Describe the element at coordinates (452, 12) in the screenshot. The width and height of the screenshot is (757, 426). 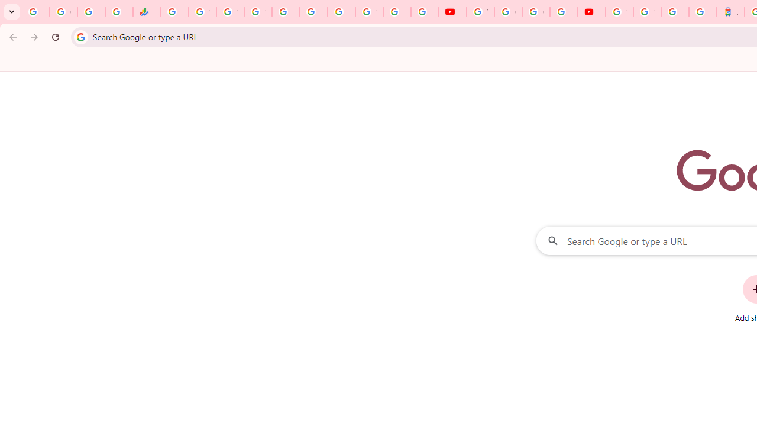
I see `'YouTube'` at that location.